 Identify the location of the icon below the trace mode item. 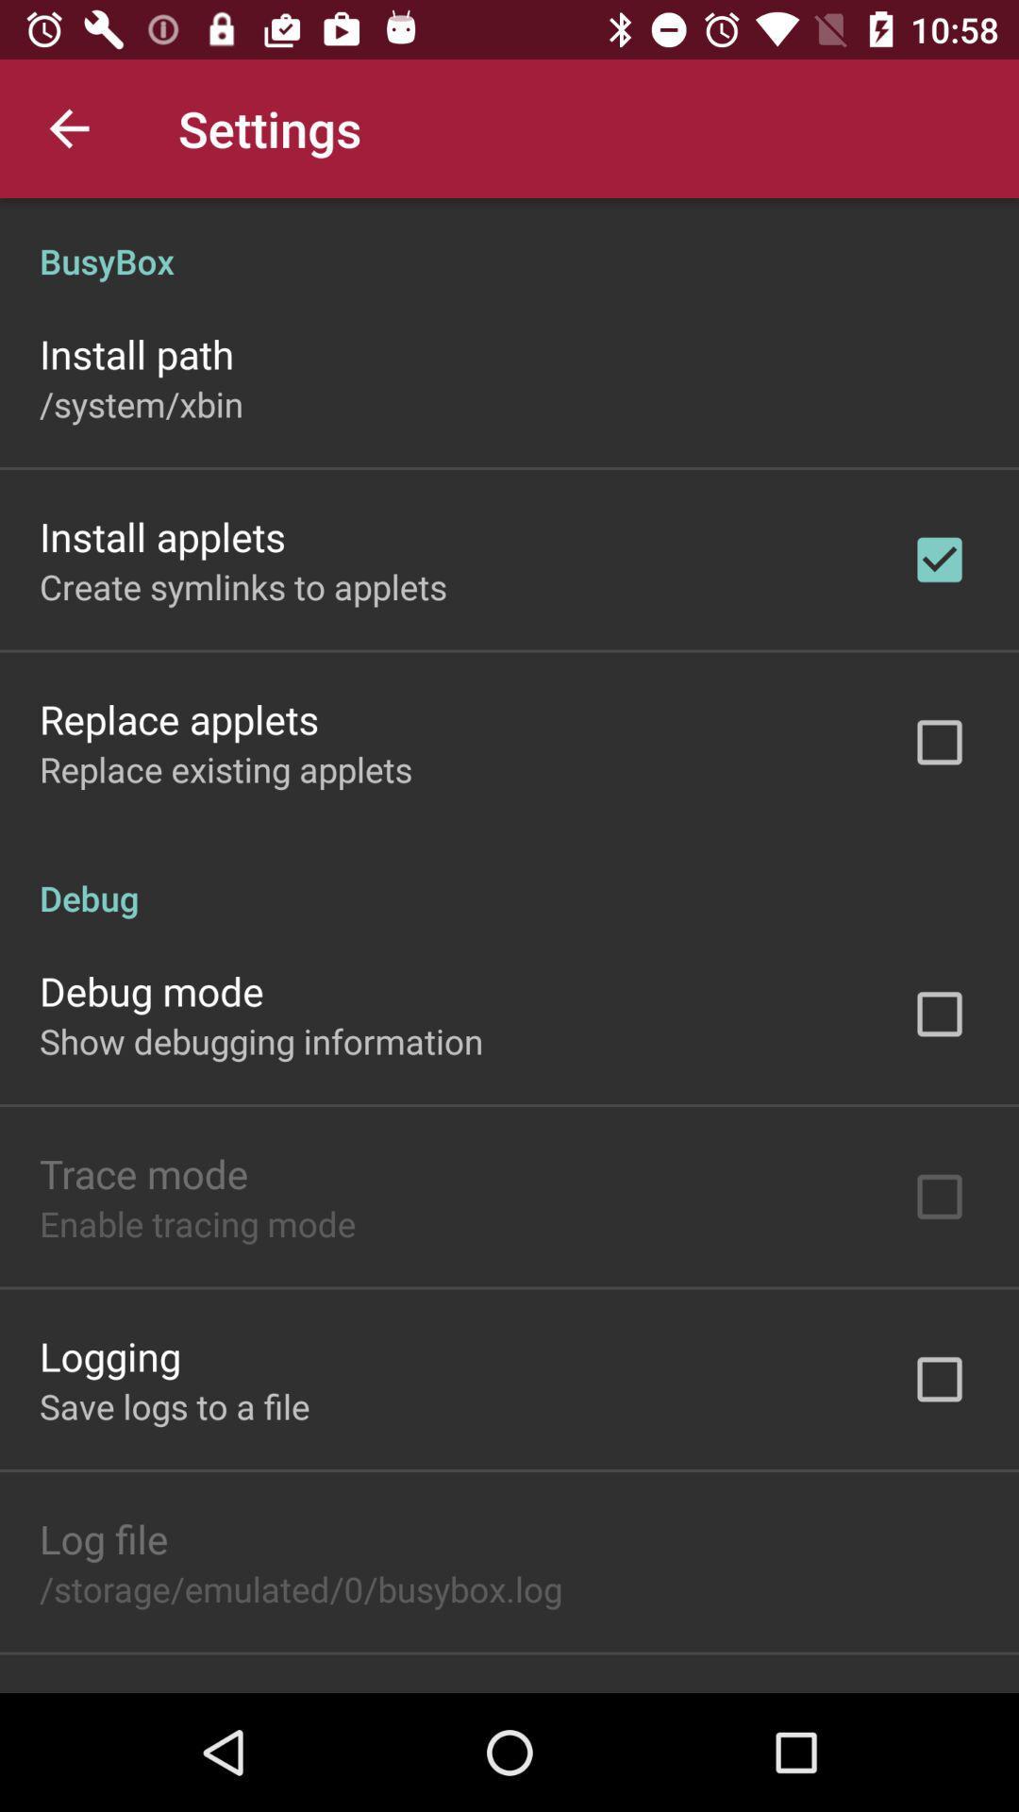
(197, 1223).